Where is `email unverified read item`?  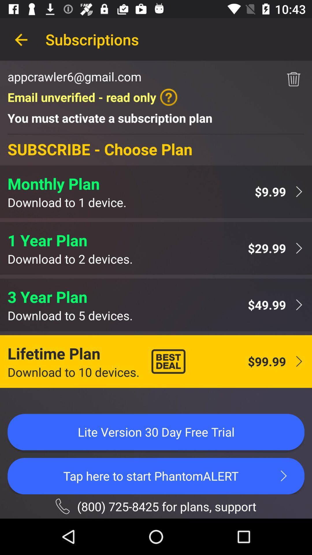 email unverified read item is located at coordinates (92, 97).